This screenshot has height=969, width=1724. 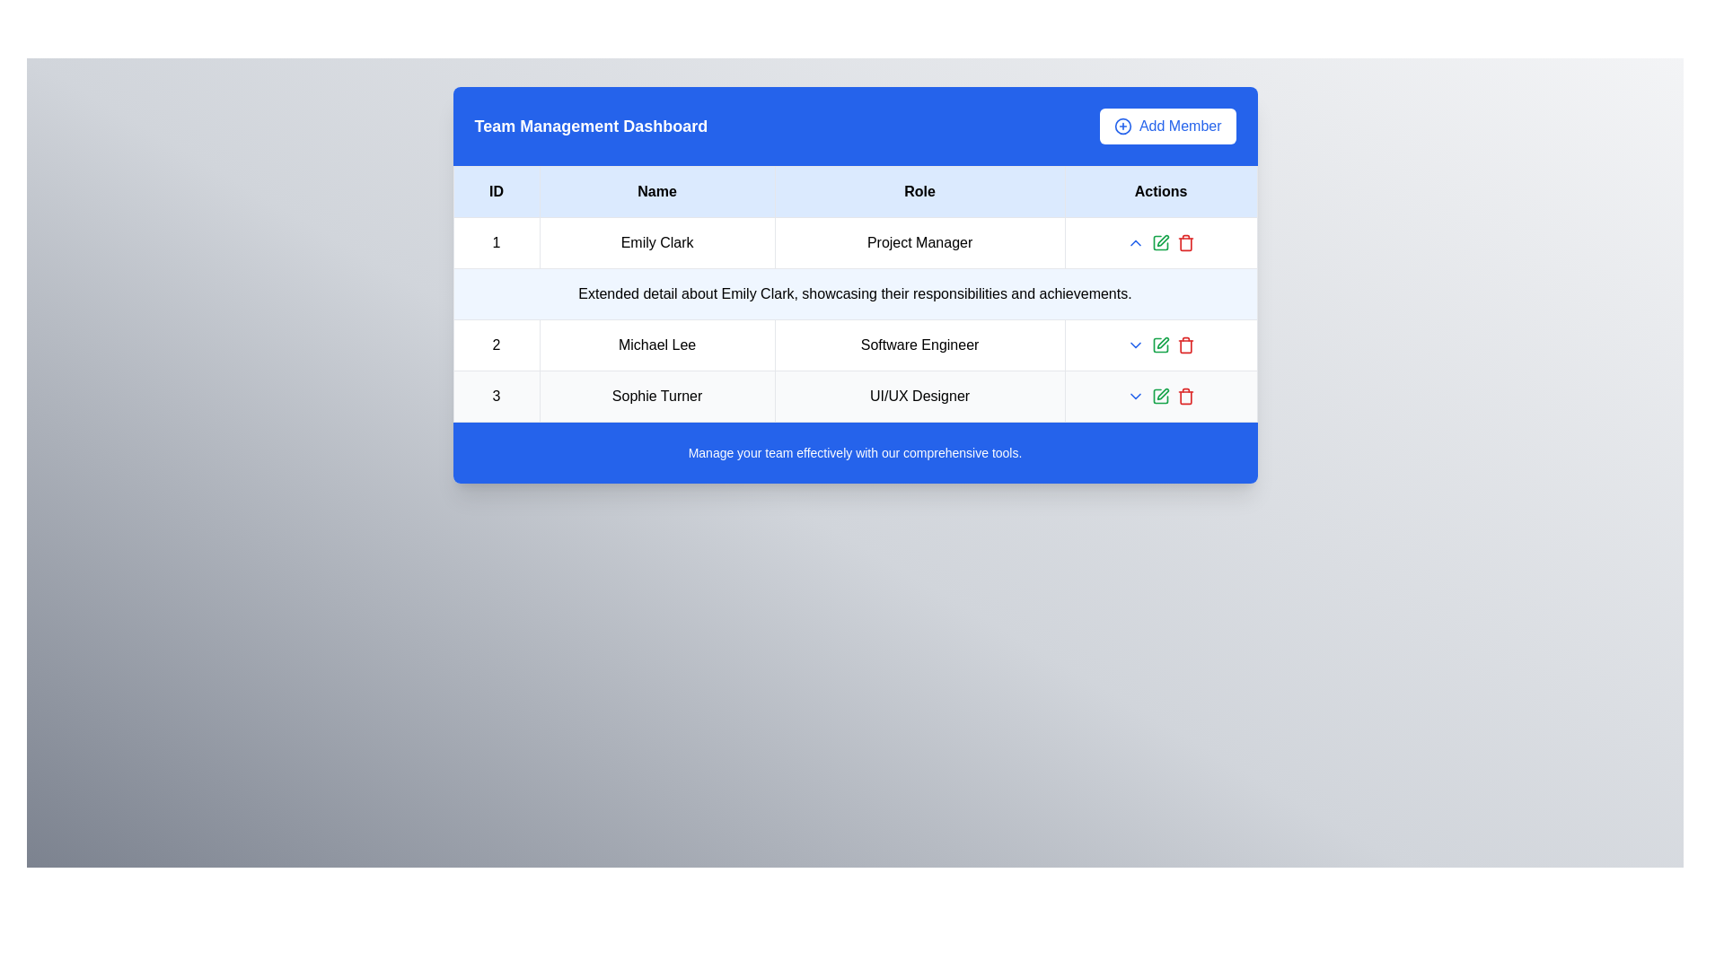 I want to click on the 'Add Member' icon located in the top-right corner of the blue dashboard header, so click(x=1121, y=126).